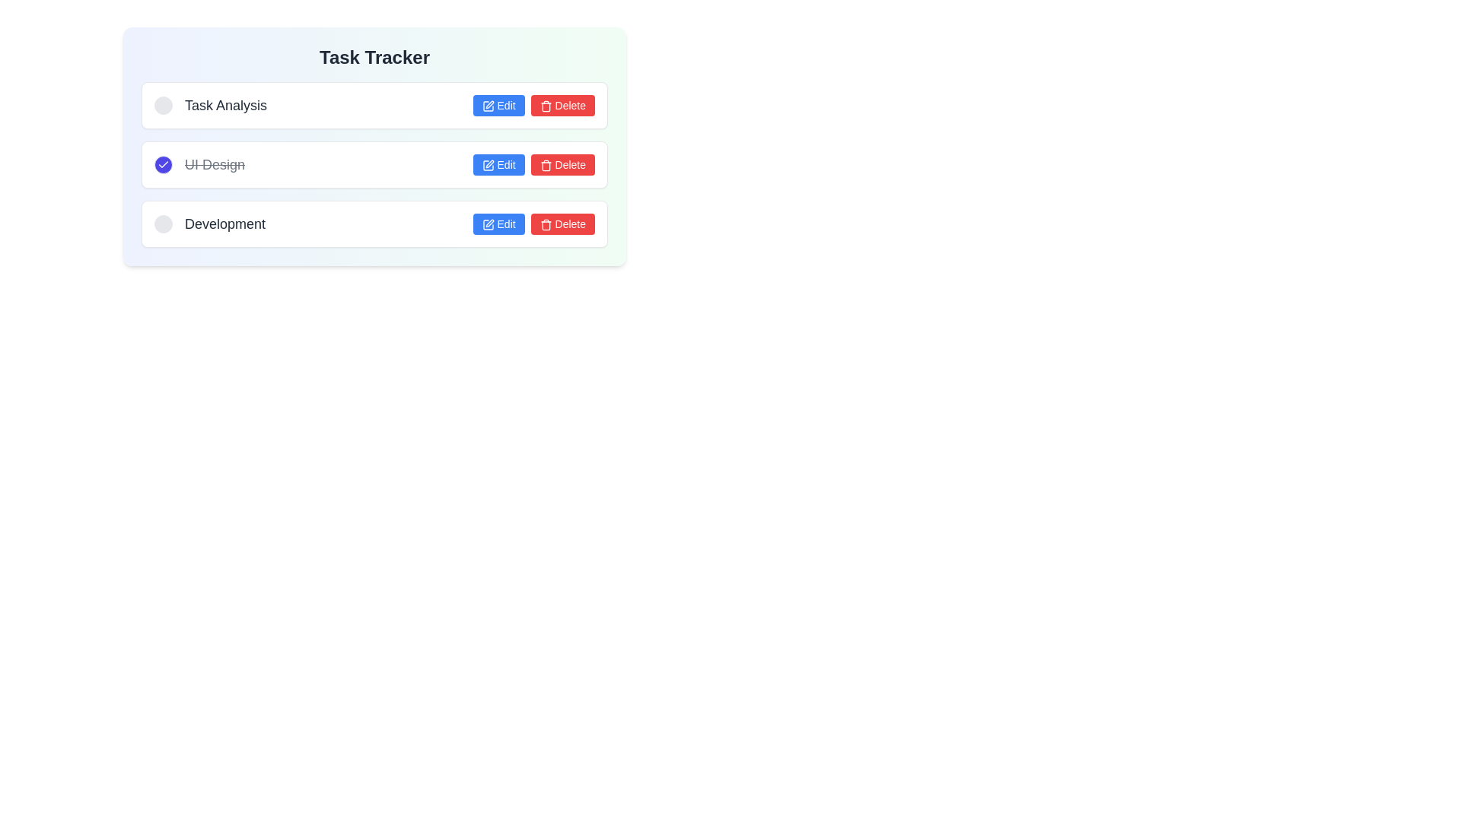 This screenshot has height=821, width=1461. I want to click on the first circular toggle button in the horizontal layout group under the 'Task Tracker' title, so click(164, 104).